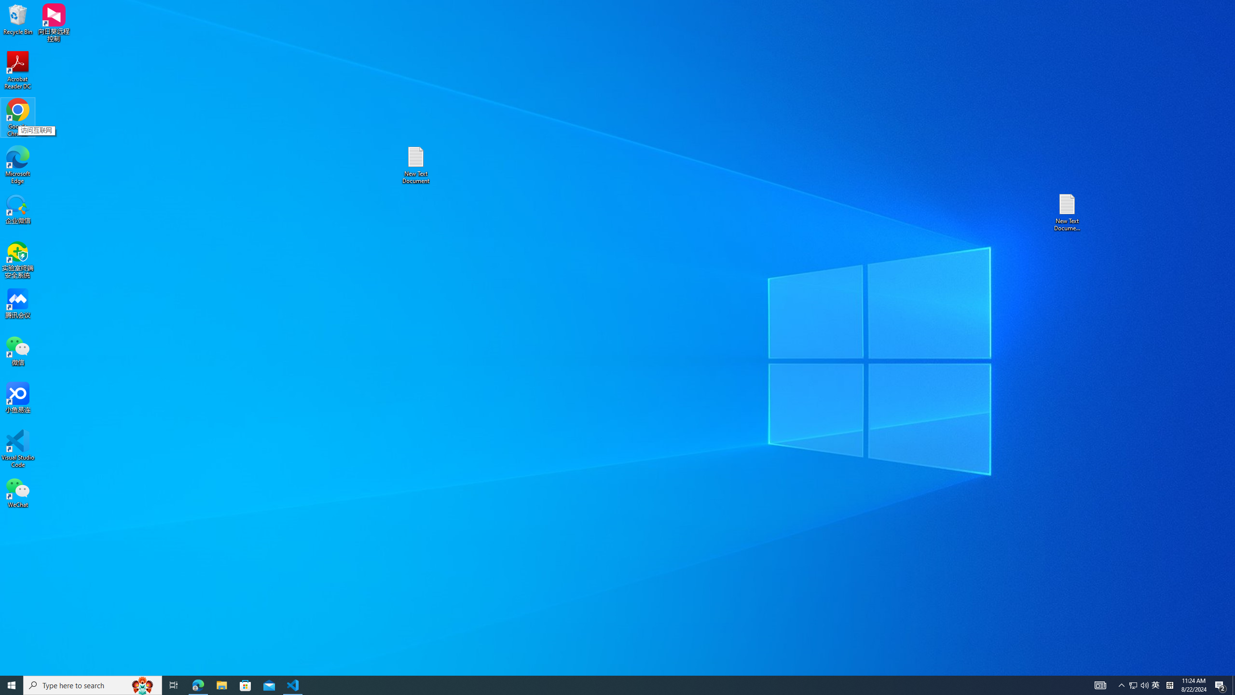 This screenshot has width=1235, height=695. Describe the element at coordinates (17, 492) in the screenshot. I see `'WeChat'` at that location.